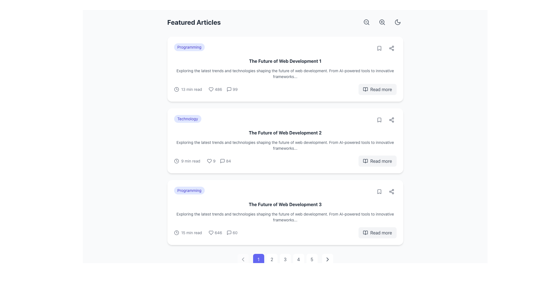 This screenshot has height=300, width=534. What do you see at coordinates (176, 232) in the screenshot?
I see `the clock icon component that visually represents the reading time of an article, located at the bottom section of the third content card` at bounding box center [176, 232].